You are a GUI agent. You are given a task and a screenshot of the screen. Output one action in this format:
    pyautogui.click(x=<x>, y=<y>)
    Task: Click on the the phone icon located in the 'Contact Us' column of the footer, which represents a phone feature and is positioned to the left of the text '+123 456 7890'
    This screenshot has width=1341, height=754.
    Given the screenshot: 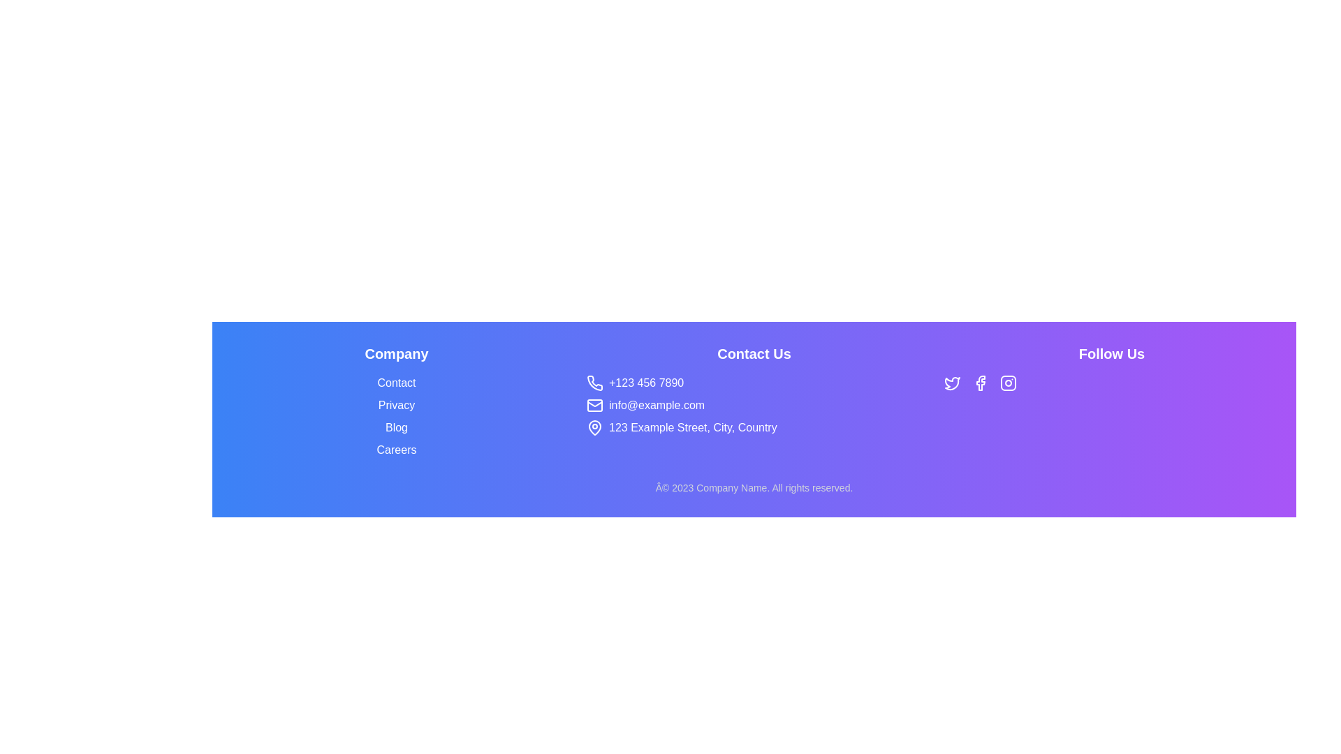 What is the action you would take?
    pyautogui.click(x=594, y=383)
    